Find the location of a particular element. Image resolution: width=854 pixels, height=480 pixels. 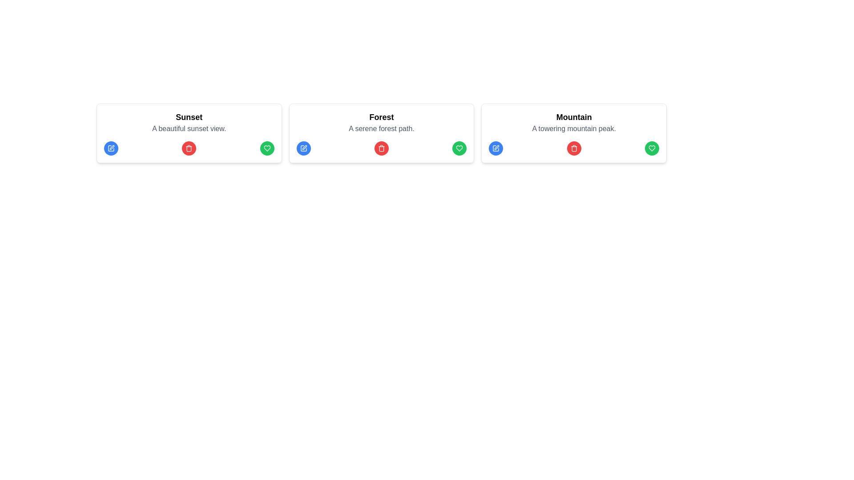

the heart icon embedded in the green circular button at the bottom right of the 'Forest' card is located at coordinates (459, 148).